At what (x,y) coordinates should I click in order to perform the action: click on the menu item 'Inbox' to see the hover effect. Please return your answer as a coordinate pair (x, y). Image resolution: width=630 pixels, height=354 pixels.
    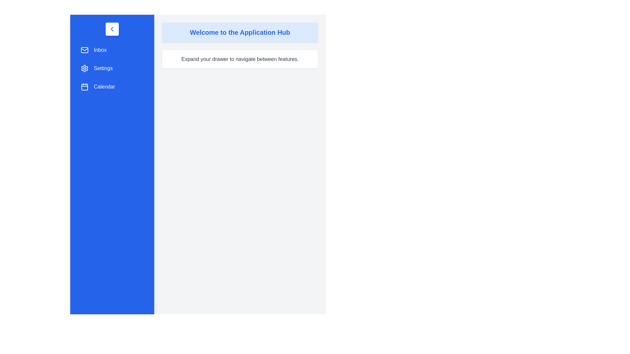
    Looking at the image, I should click on (112, 50).